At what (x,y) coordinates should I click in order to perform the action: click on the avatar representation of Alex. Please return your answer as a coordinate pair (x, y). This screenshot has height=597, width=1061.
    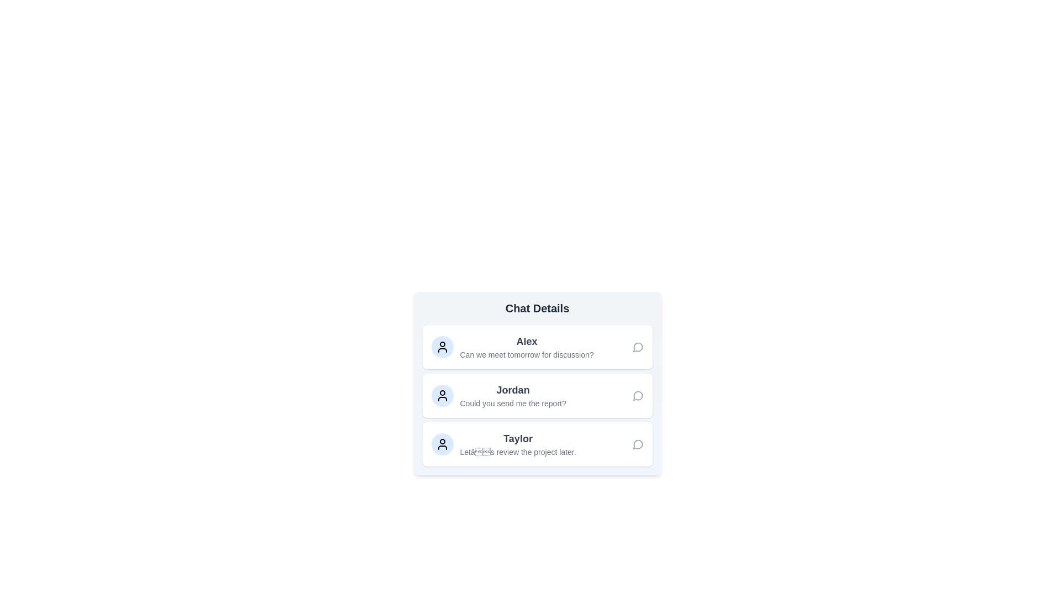
    Looking at the image, I should click on (442, 347).